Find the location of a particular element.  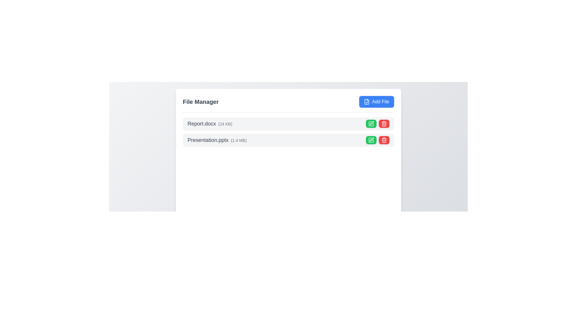

the trash icon button is located at coordinates (384, 140).